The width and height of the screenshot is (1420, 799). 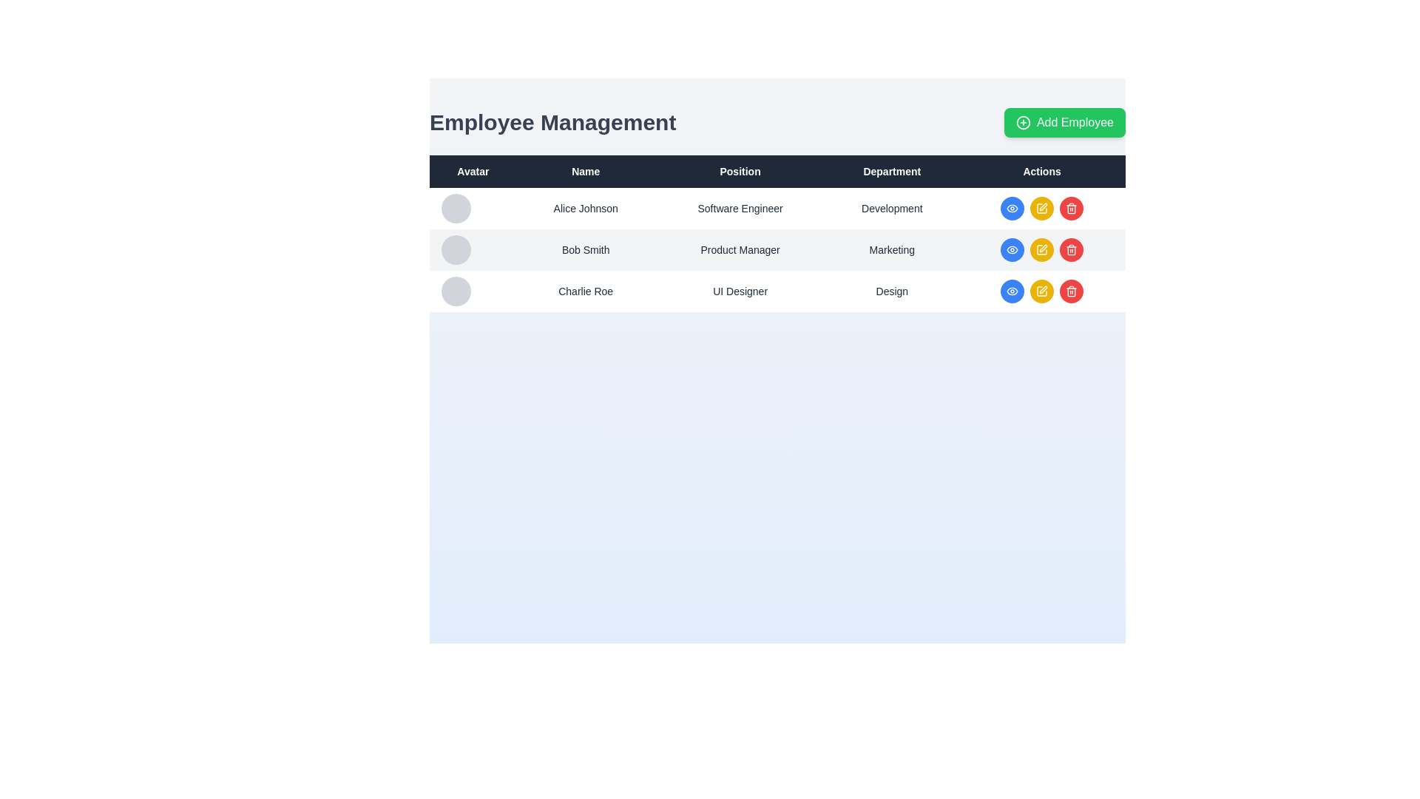 I want to click on the 'Actions' column header in the table, which is the fifth column header and located on the upper-right side of the table structure, so click(x=1041, y=170).